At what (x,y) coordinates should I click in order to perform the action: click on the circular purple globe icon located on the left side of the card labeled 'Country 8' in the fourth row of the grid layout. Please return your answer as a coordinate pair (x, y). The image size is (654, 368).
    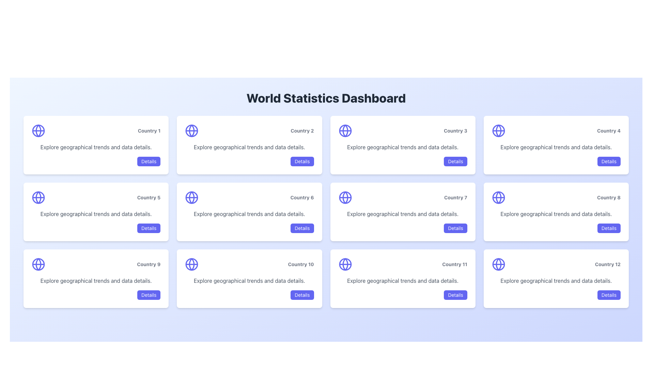
    Looking at the image, I should click on (498, 197).